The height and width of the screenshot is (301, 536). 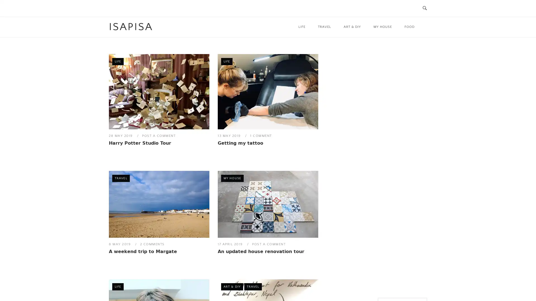 I want to click on Open Search, so click(x=424, y=8).